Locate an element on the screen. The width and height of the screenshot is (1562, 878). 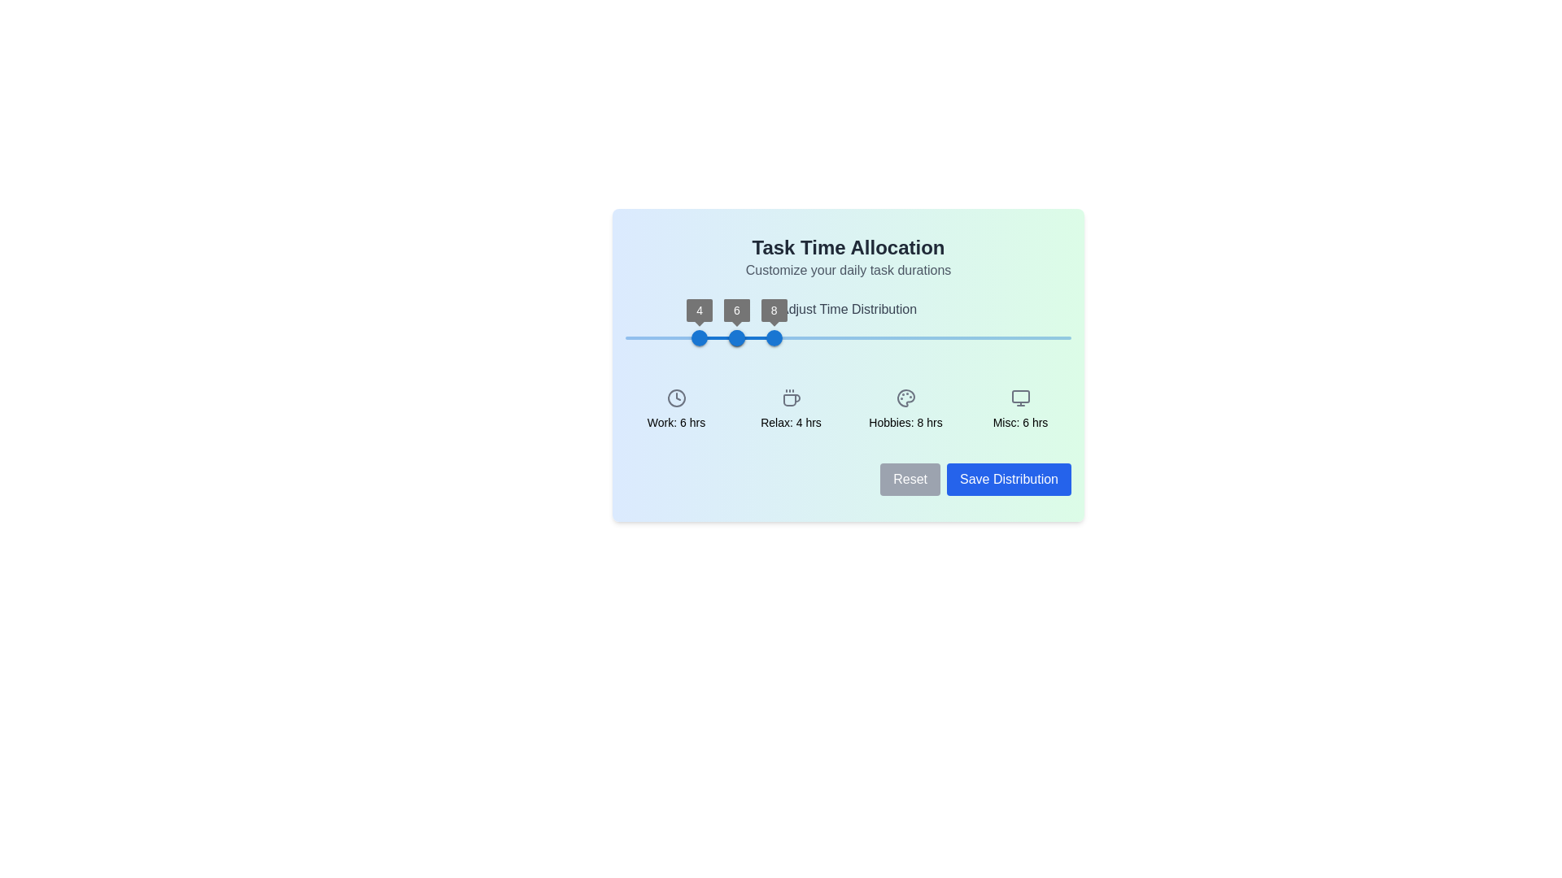
the text label displaying 'Task Time Allocation', which is bold and extra-large, located at the top center of the section is located at coordinates (847, 247).